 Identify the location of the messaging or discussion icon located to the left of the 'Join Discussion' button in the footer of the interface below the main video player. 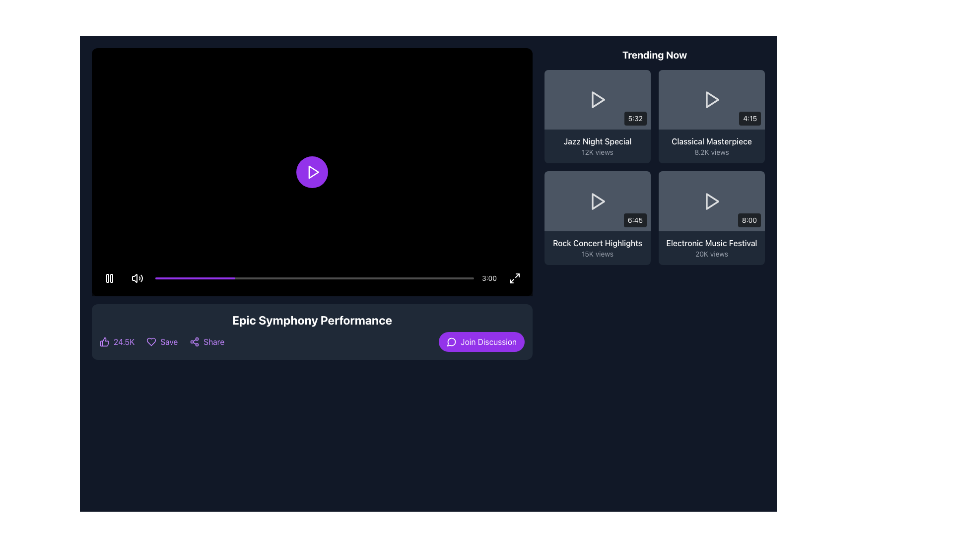
(451, 341).